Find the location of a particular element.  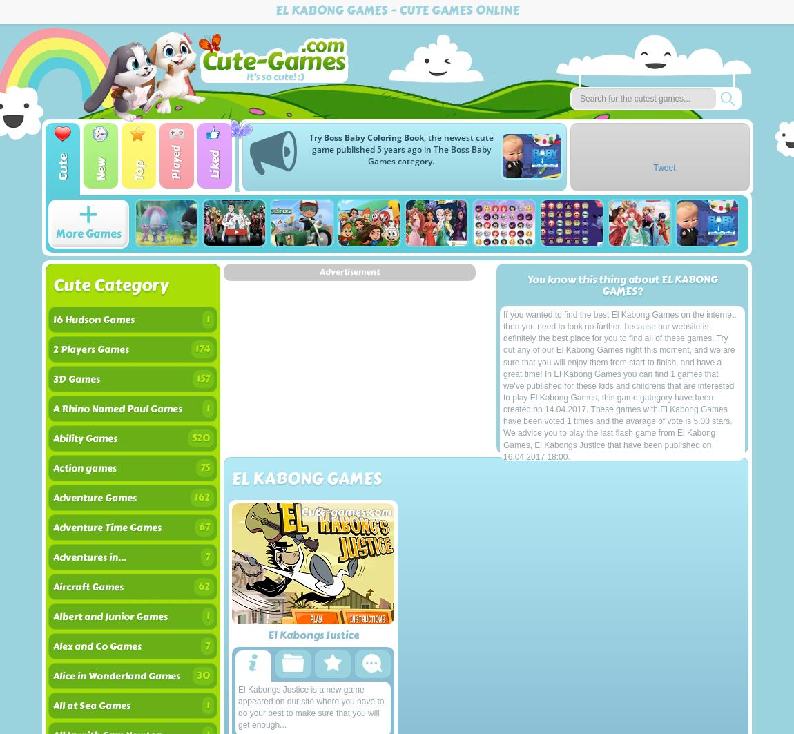

'EL KABONG GAMES - CUTE GAMES ONLINE' is located at coordinates (396, 10).